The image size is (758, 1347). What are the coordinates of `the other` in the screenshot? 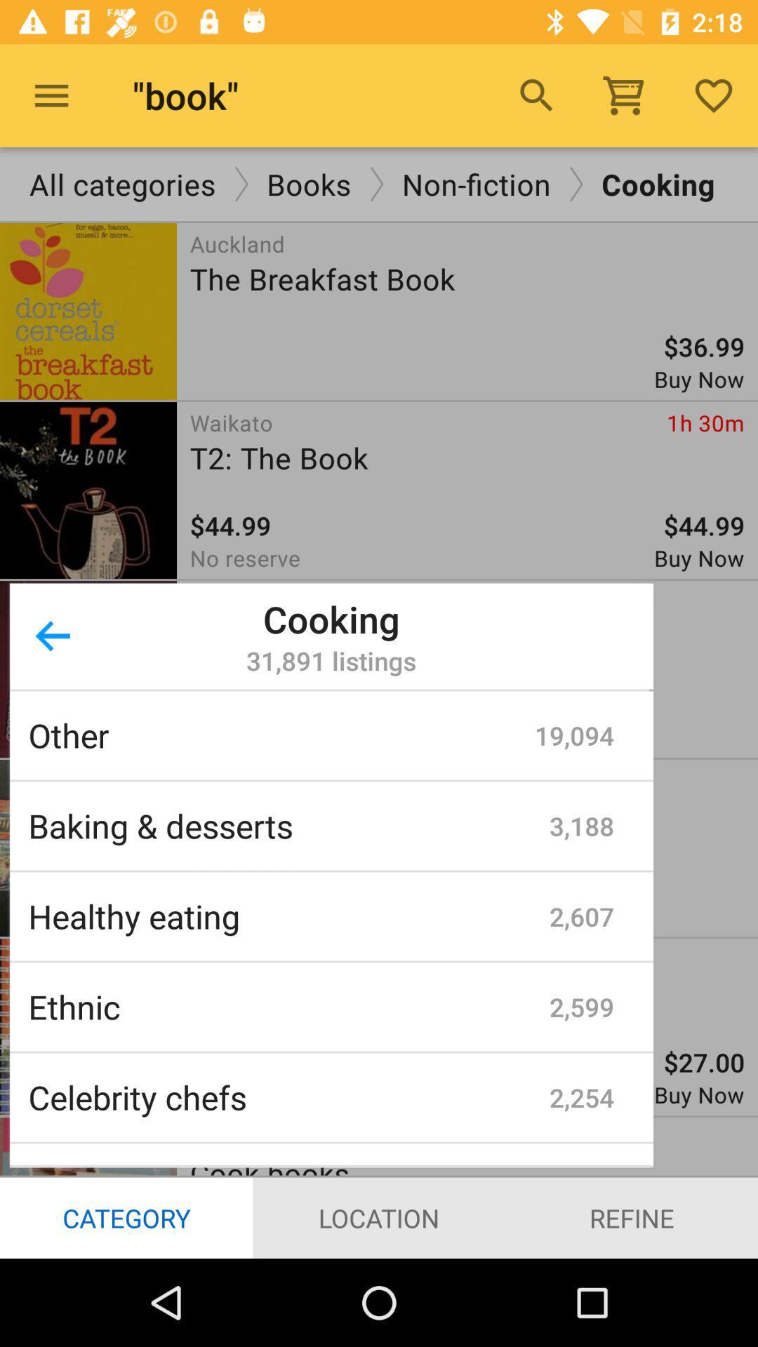 It's located at (281, 735).